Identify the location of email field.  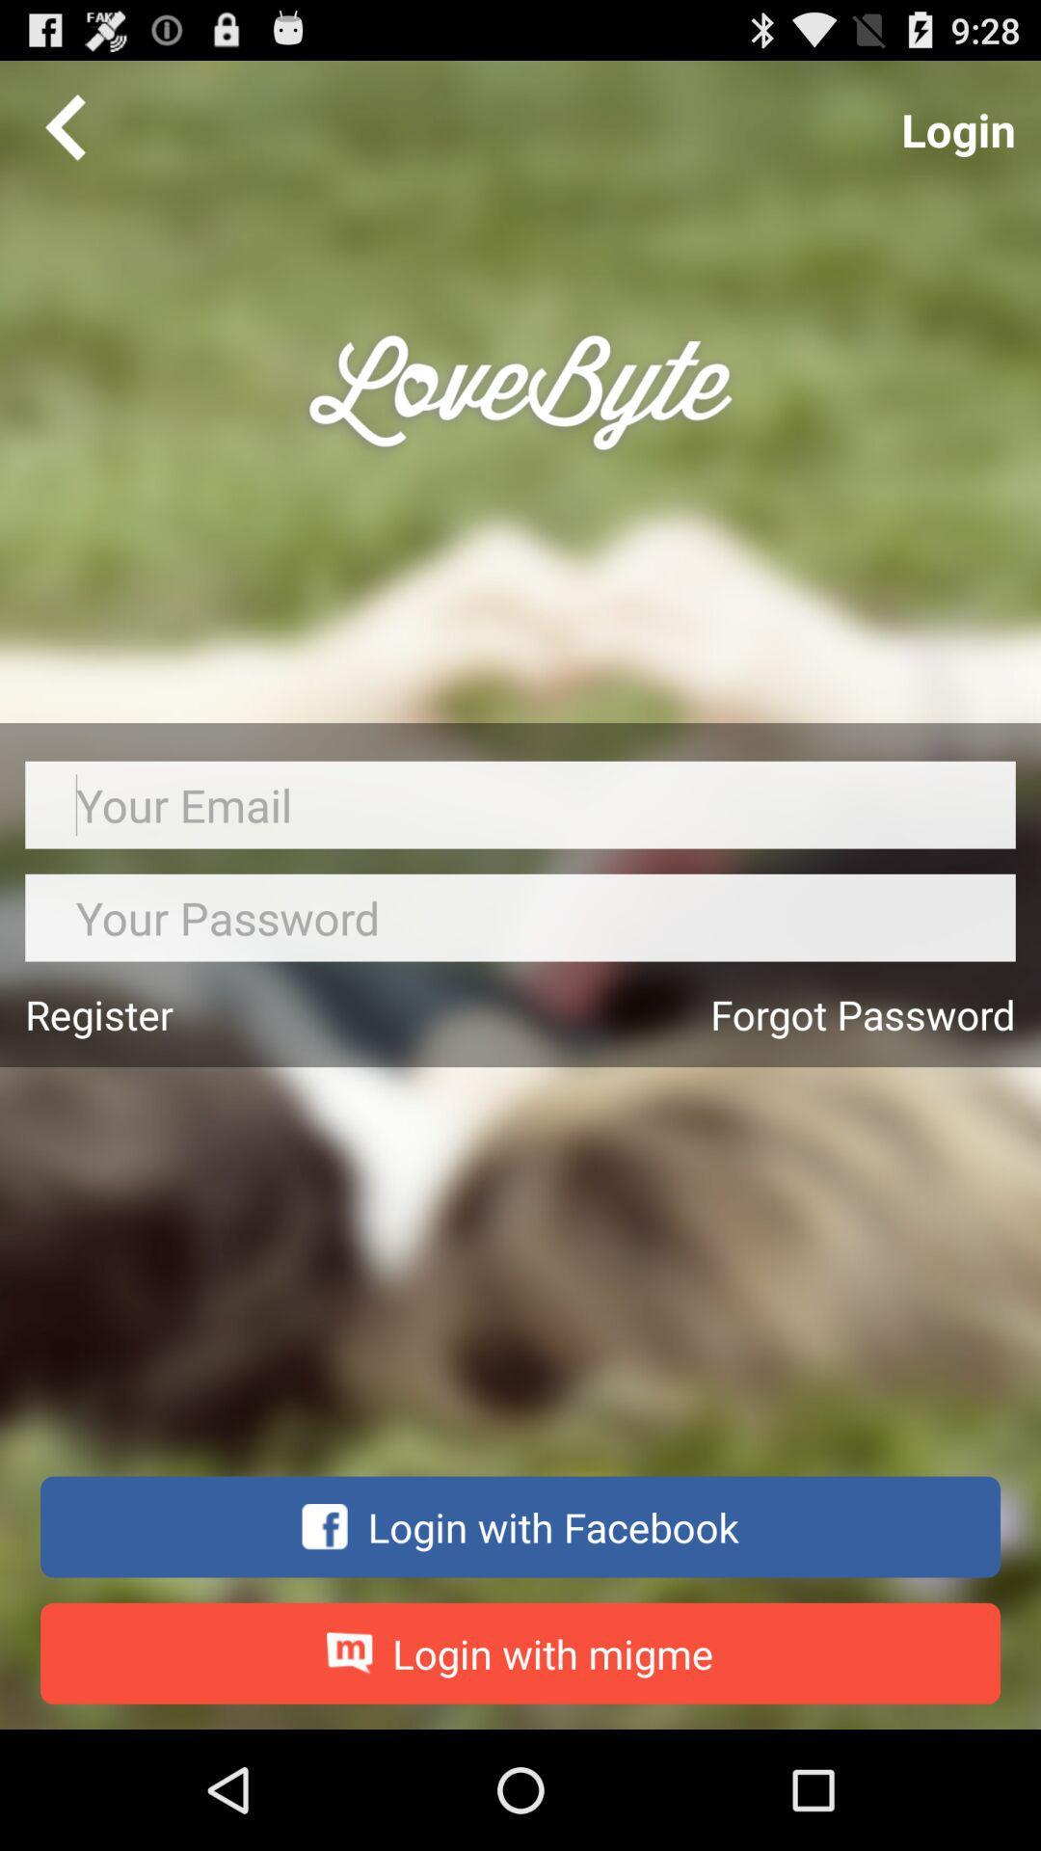
(520, 805).